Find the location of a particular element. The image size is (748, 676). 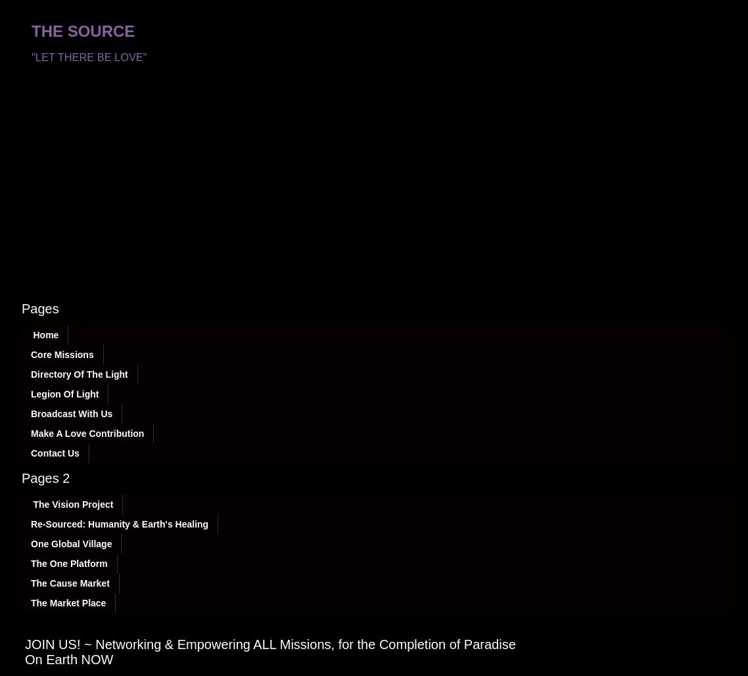

'Pages' is located at coordinates (39, 309).